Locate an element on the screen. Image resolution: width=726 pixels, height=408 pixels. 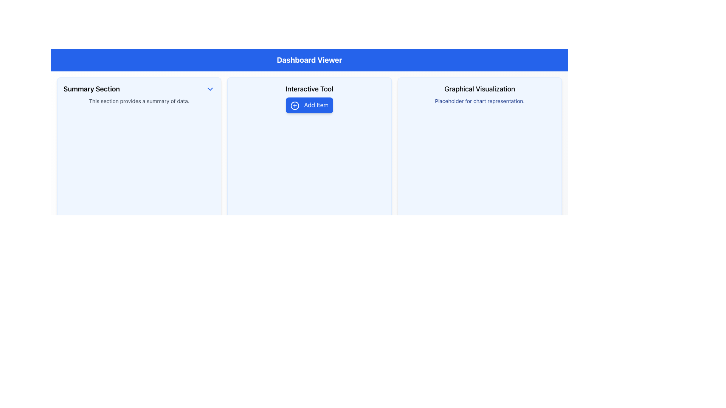
the text label that reads 'Interactive Tool', which is positioned above the button labeled 'Add Item' in the Dashboard Viewer section is located at coordinates (309, 88).